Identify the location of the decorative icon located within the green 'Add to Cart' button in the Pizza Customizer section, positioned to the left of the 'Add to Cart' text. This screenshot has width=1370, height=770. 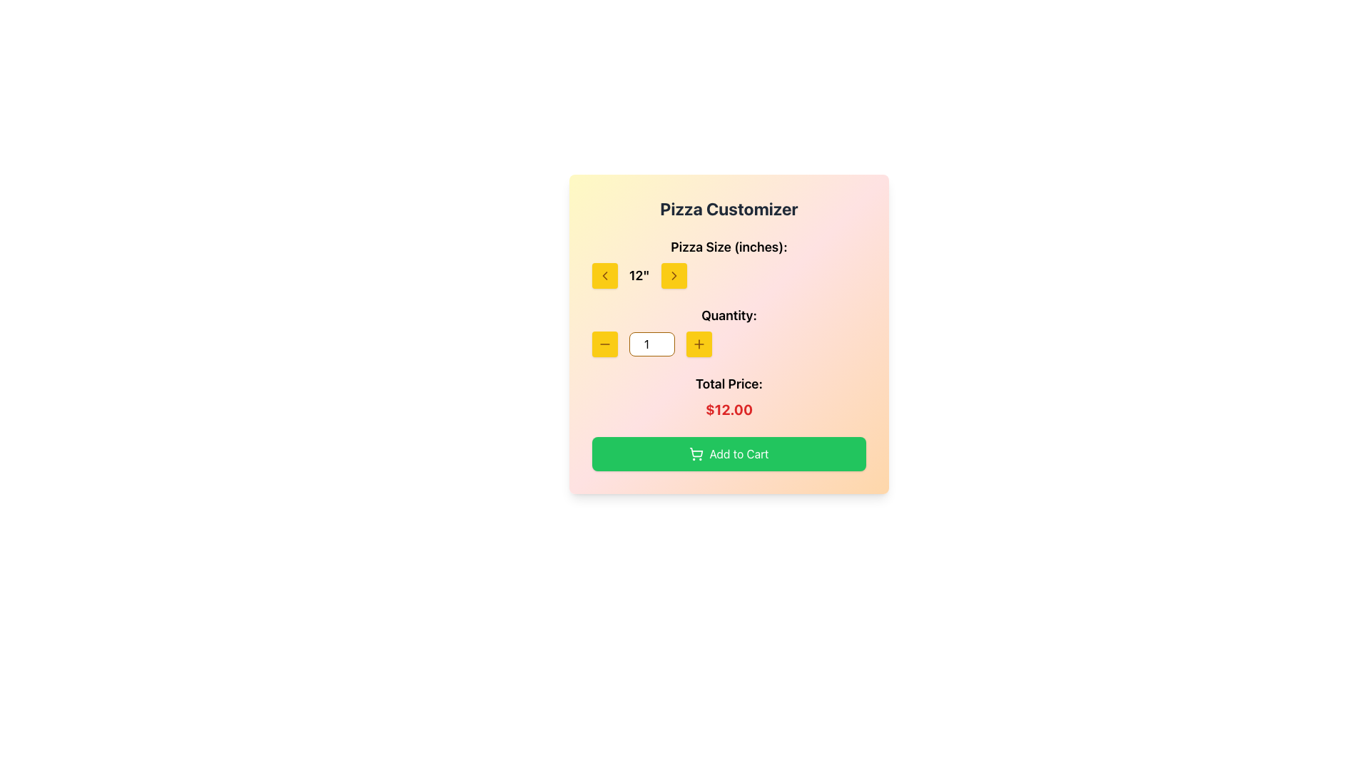
(696, 453).